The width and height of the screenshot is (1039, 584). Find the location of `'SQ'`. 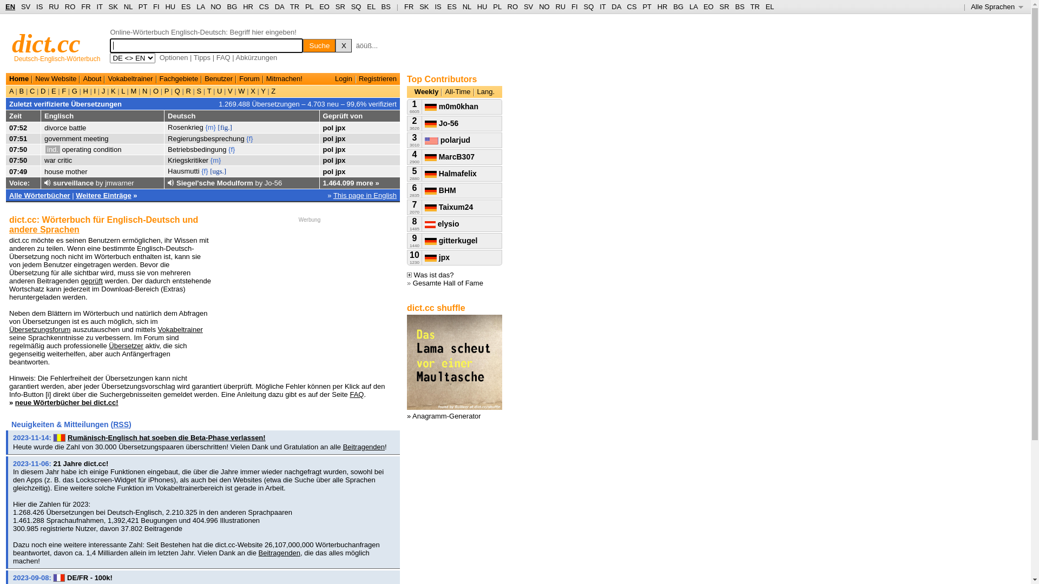

'SQ' is located at coordinates (588, 6).